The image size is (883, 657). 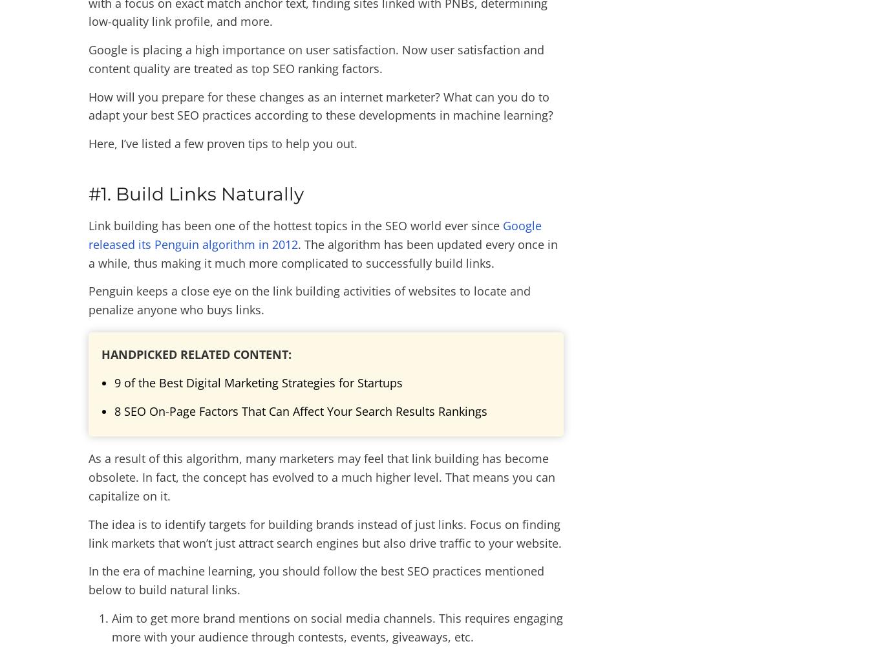 I want to click on '#1. Build Links Naturally', so click(x=196, y=193).